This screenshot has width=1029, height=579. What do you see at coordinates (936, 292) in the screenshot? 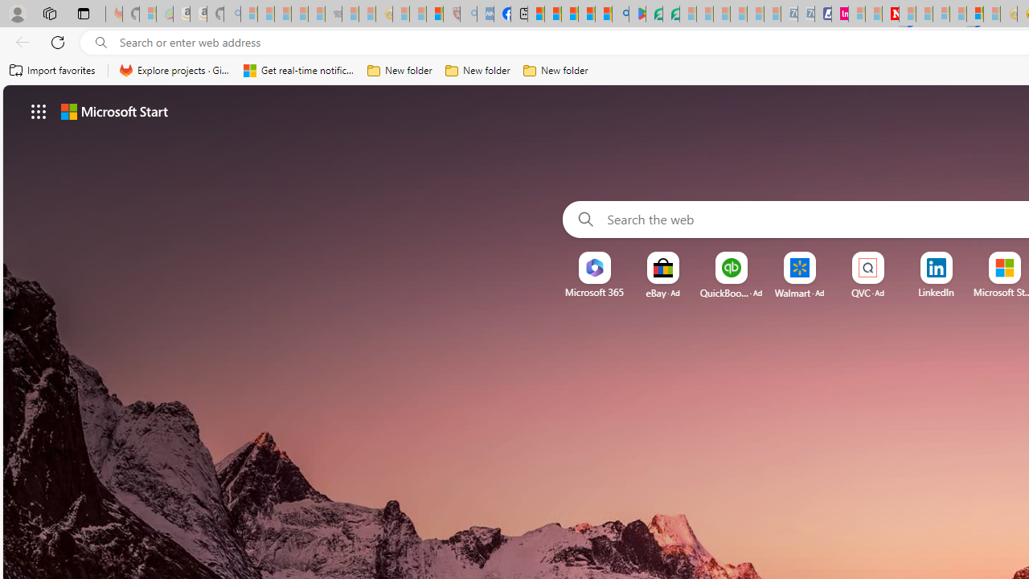
I see `'LinkedIn'` at bounding box center [936, 292].